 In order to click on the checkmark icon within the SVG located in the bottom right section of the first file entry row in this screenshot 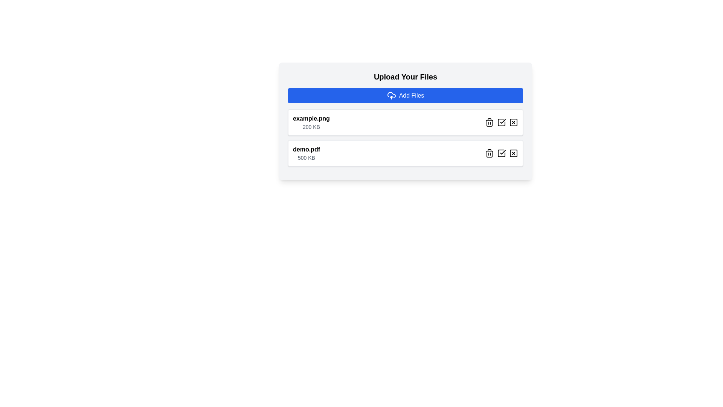, I will do `click(503, 121)`.